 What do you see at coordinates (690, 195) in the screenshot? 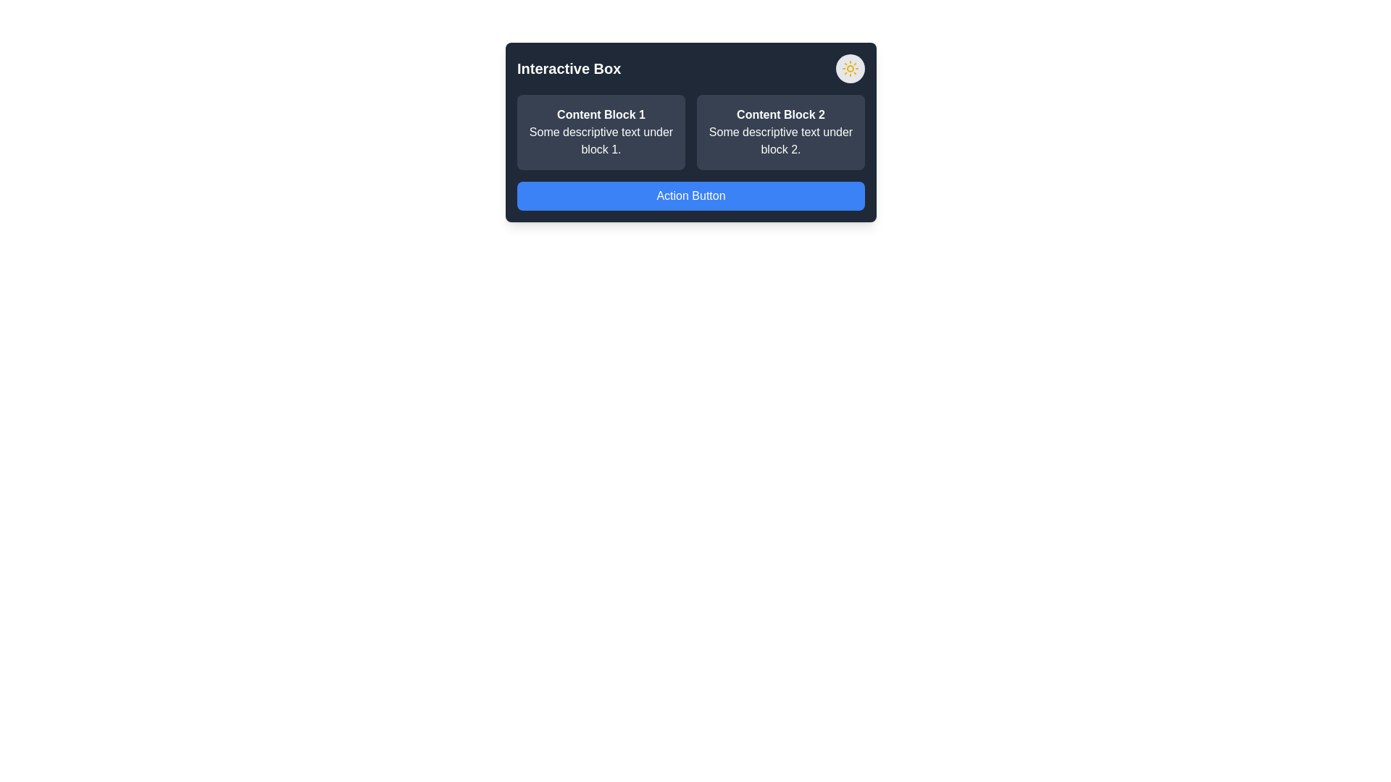
I see `the 'Action Button' with a blue background and white text located below 'Content Block 1' and 'Content Block 2' in the 'Interactive Box' to change its background color` at bounding box center [690, 195].